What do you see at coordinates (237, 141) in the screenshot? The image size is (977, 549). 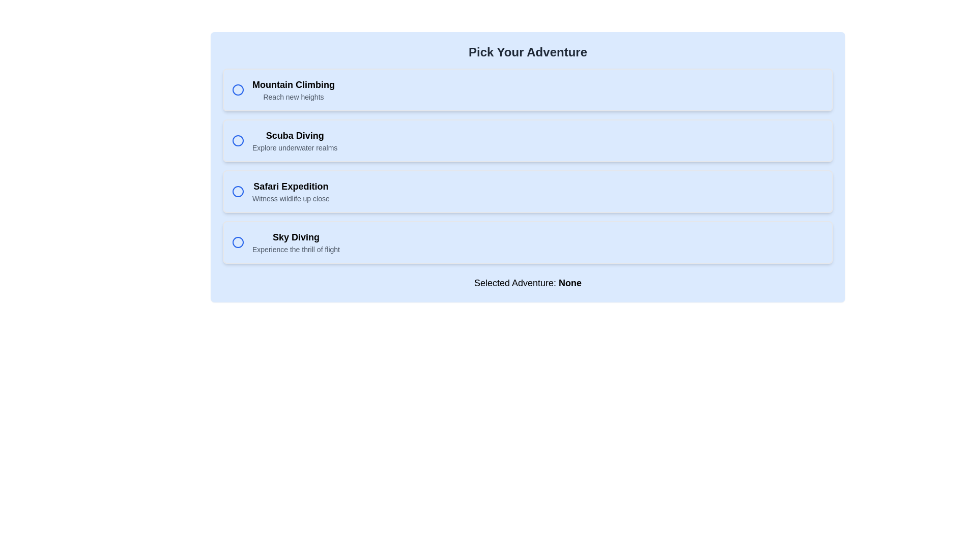 I see `the Radio Button Indicator located to the left of the 'Scuba Diving' text in the second option of the list` at bounding box center [237, 141].